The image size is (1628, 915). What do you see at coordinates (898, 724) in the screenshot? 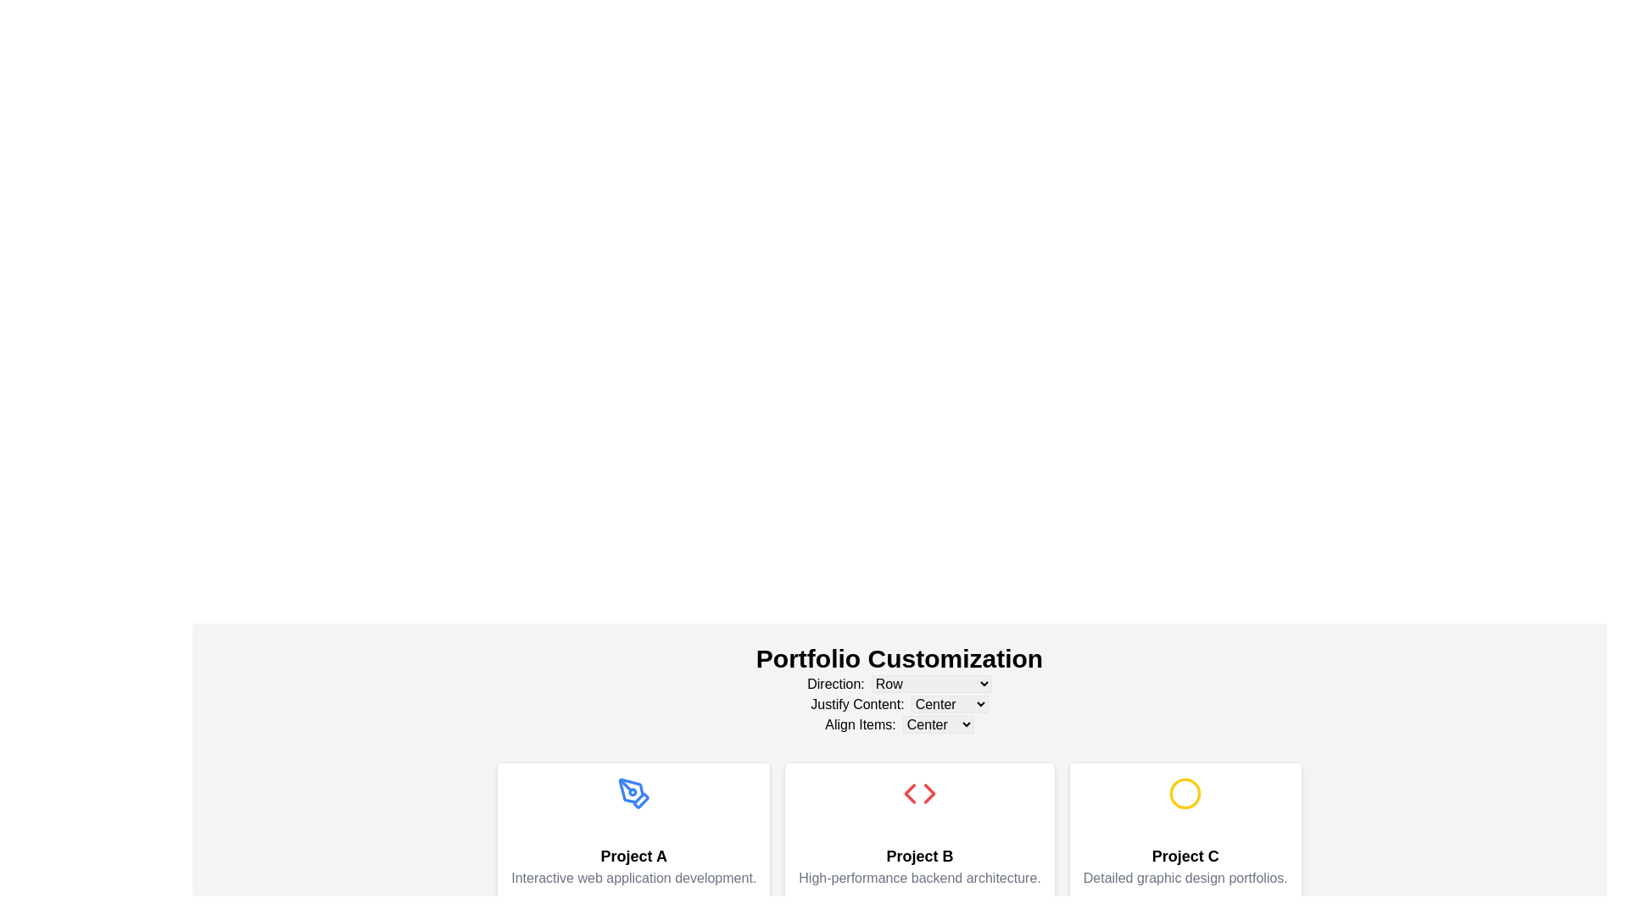
I see `the interactive component 'StretchCenterBaseline' within the text options under 'Portfolio Customization'` at bounding box center [898, 724].